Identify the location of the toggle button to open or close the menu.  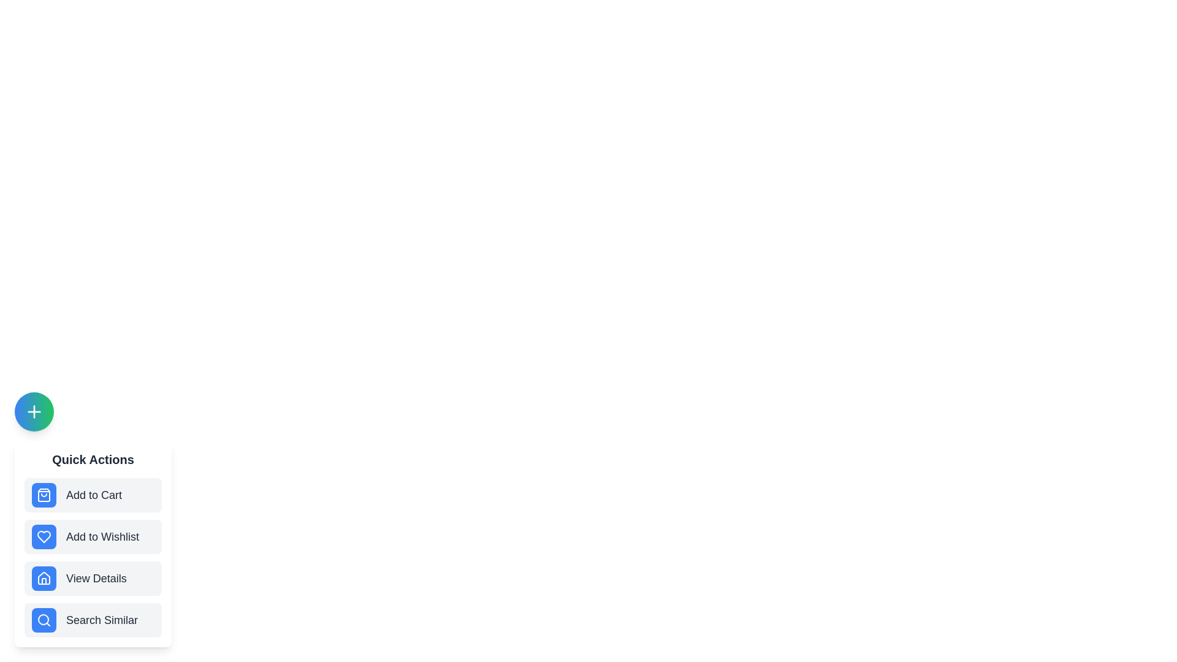
(34, 411).